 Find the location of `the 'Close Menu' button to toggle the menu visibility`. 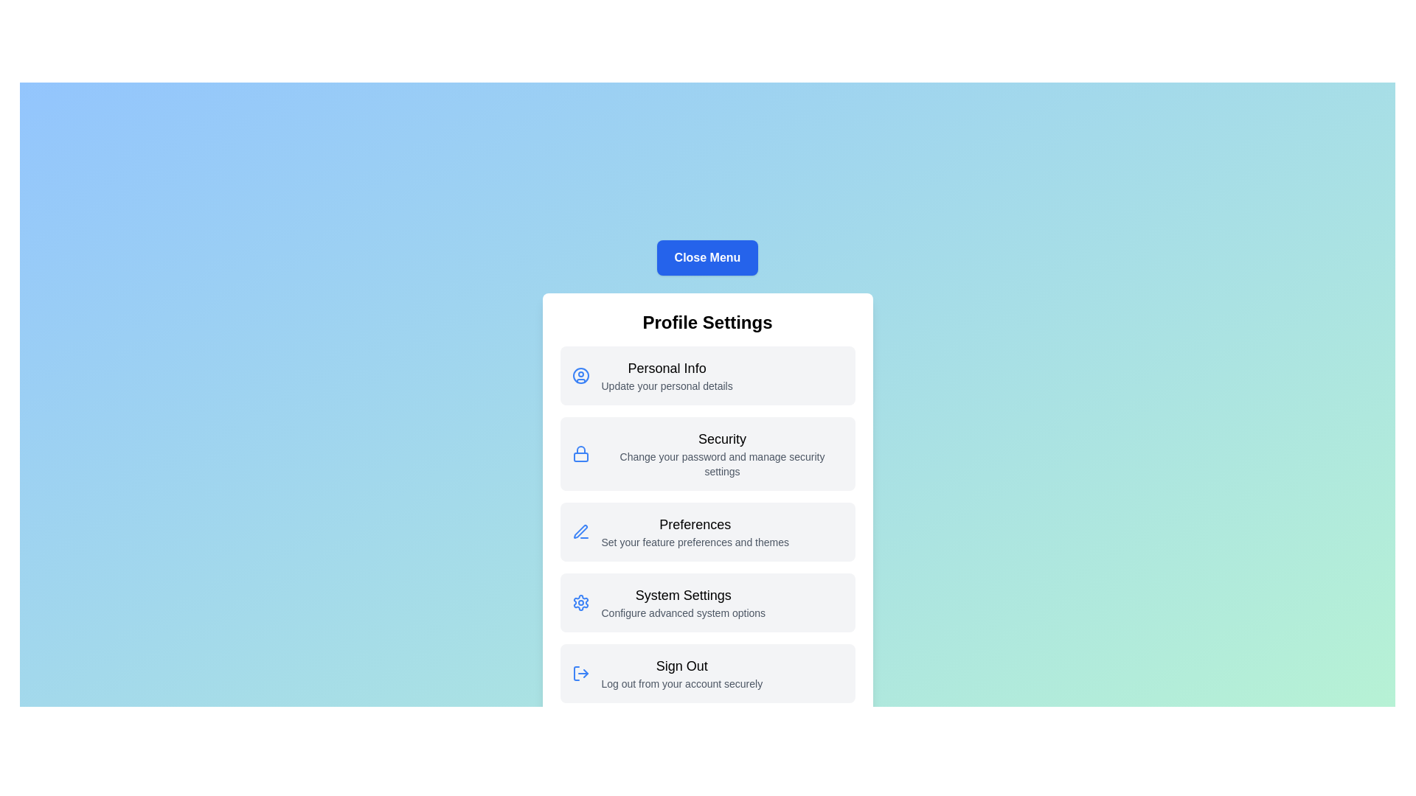

the 'Close Menu' button to toggle the menu visibility is located at coordinates (707, 257).